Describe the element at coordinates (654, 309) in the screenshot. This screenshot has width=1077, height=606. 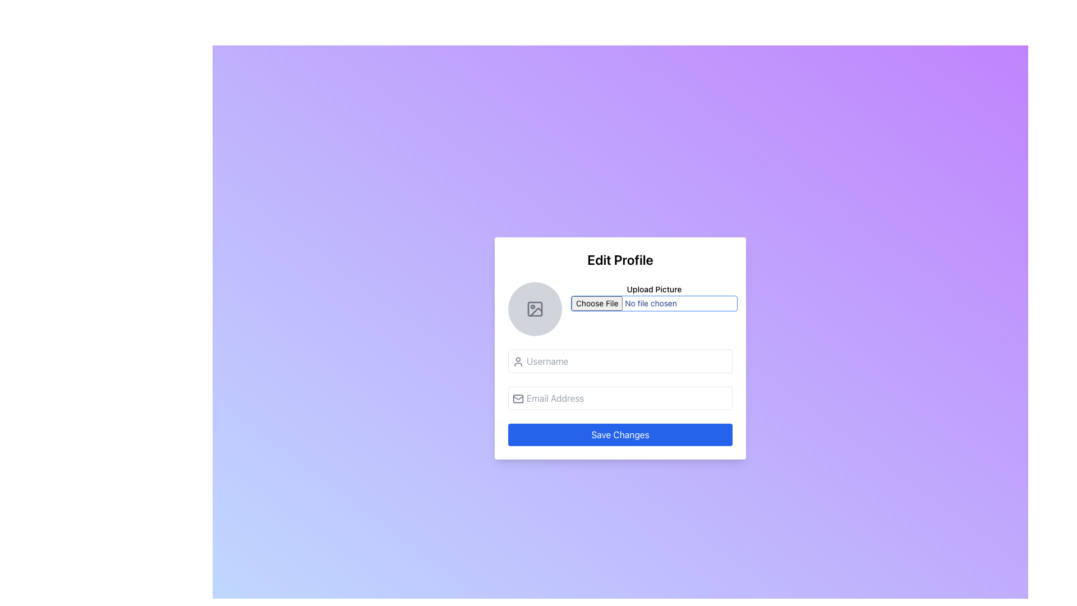
I see `and drop a file onto the File input field located centrally in the 'Edit Profile' modal, positioned above the username input field and below the profile picture icon placeholder` at that location.